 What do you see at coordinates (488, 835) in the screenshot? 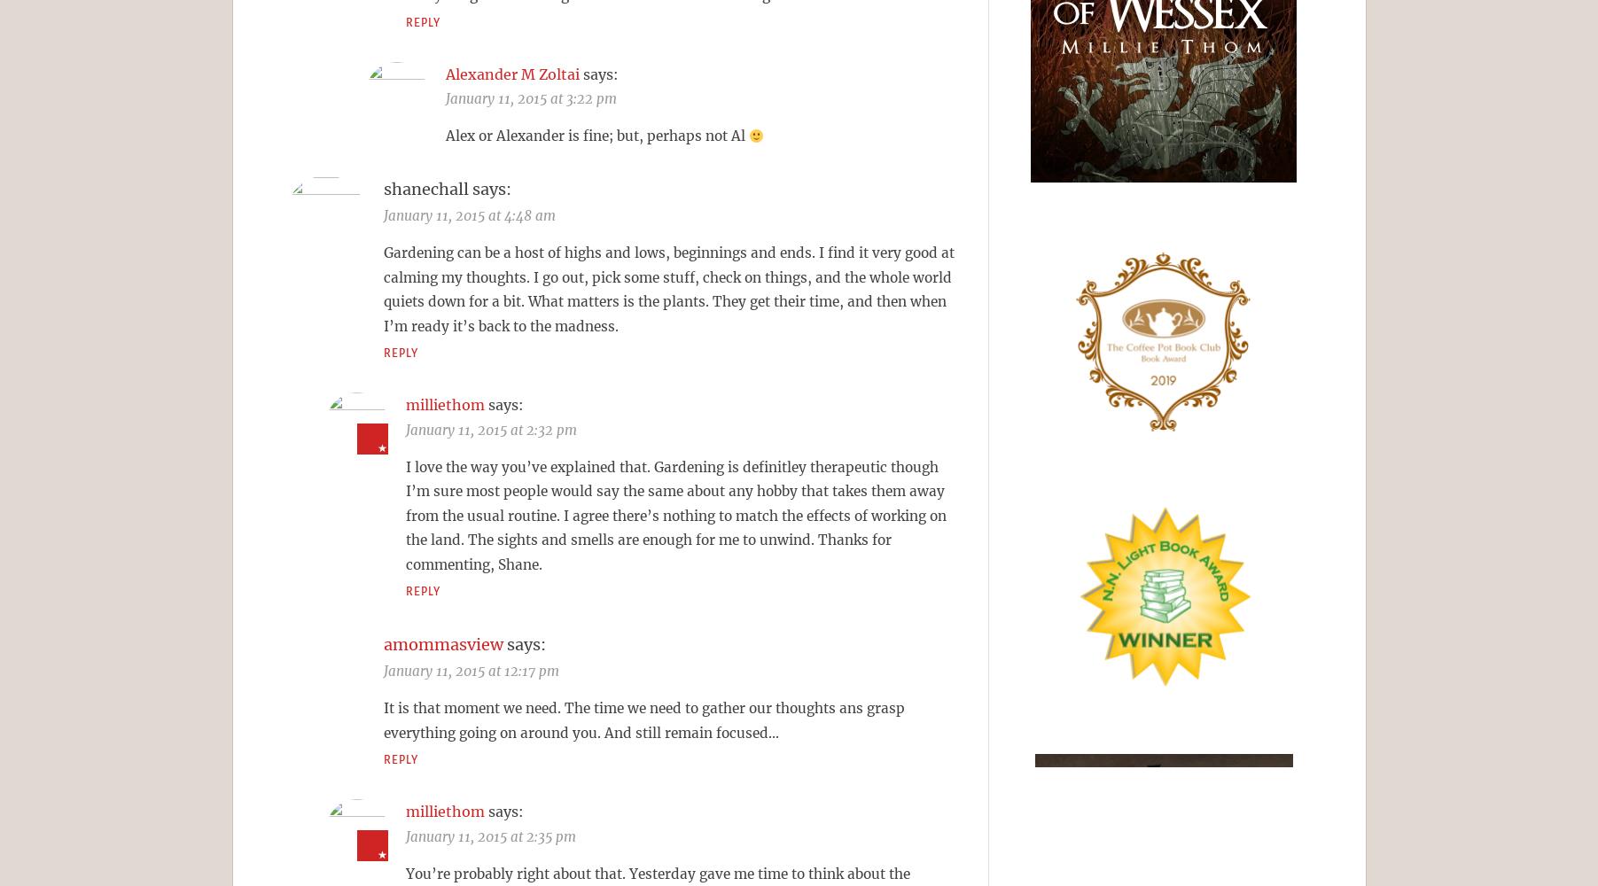
I see `'January 11, 2015 at 2:35 pm'` at bounding box center [488, 835].